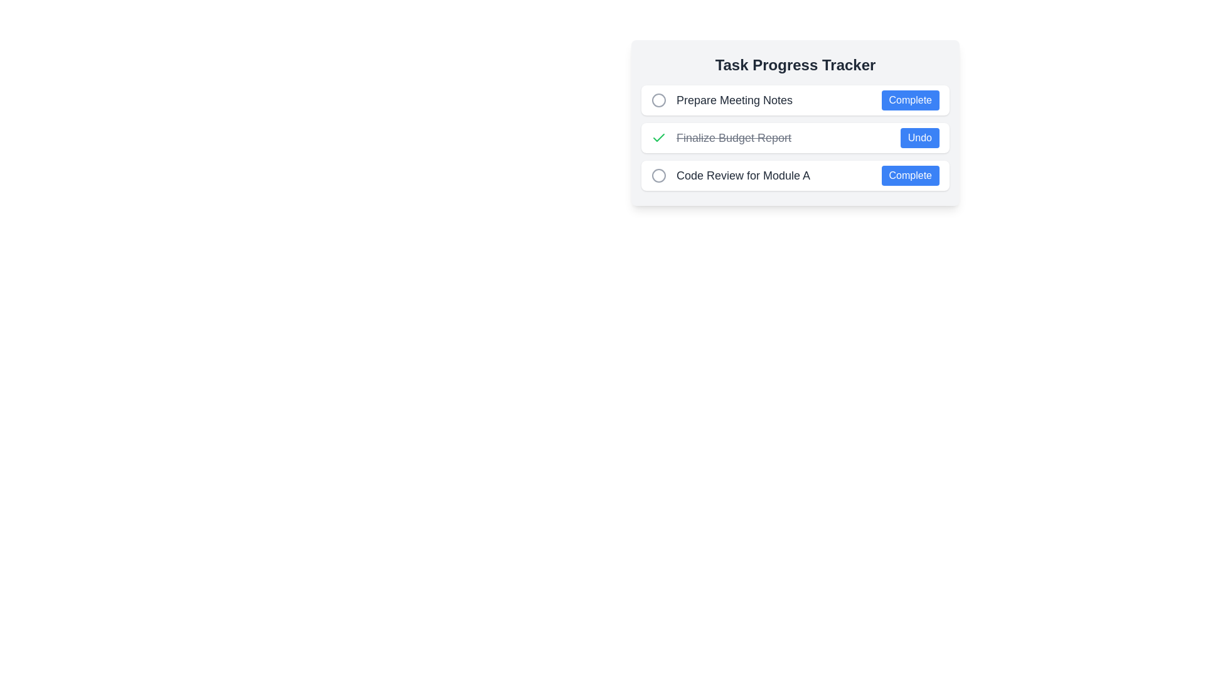 Image resolution: width=1205 pixels, height=678 pixels. Describe the element at coordinates (910, 176) in the screenshot. I see `the button at the right end of the third row in the 'Task Progress Tracker' to mark 'Code Review for Module A' as complete` at that location.